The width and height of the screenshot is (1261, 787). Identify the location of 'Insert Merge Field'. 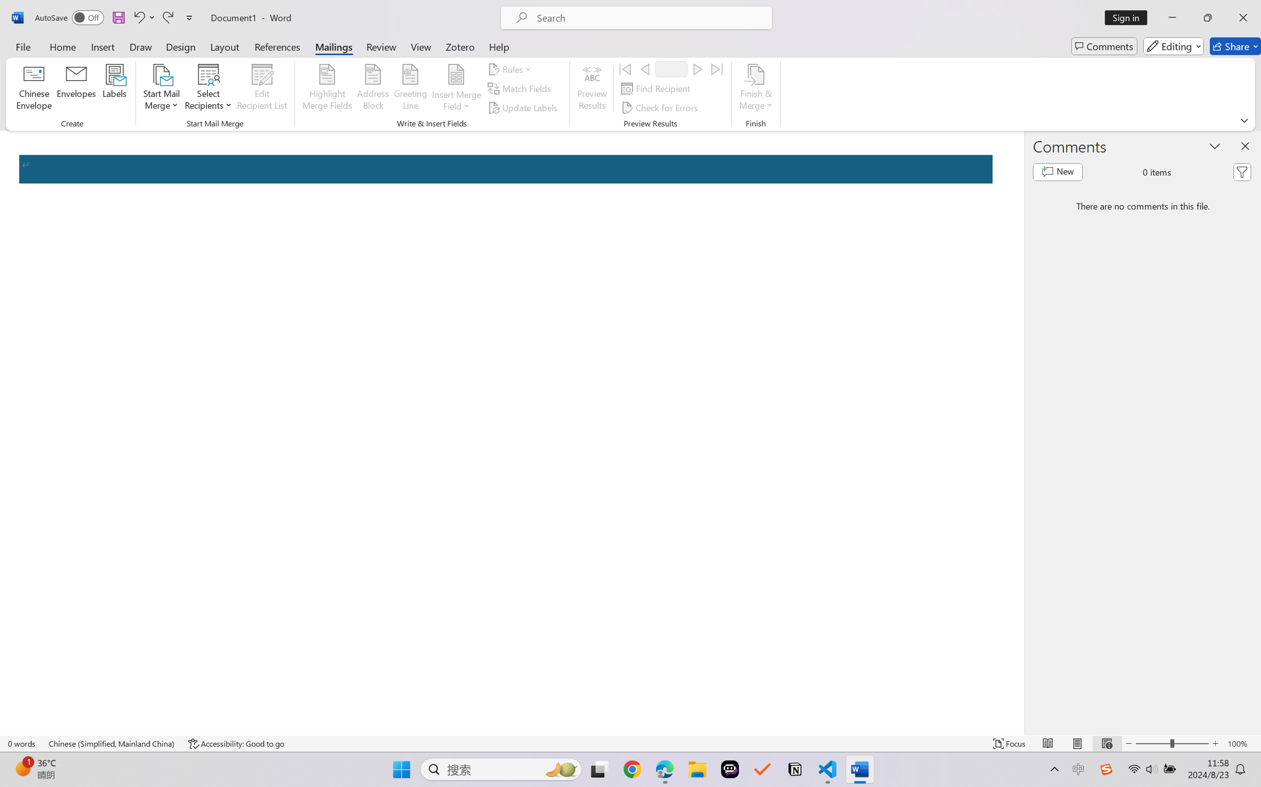
(456, 88).